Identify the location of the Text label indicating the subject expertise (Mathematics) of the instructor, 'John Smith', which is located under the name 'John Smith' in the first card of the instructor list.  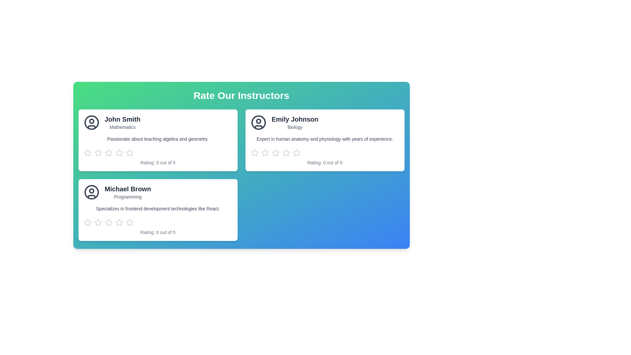
(122, 127).